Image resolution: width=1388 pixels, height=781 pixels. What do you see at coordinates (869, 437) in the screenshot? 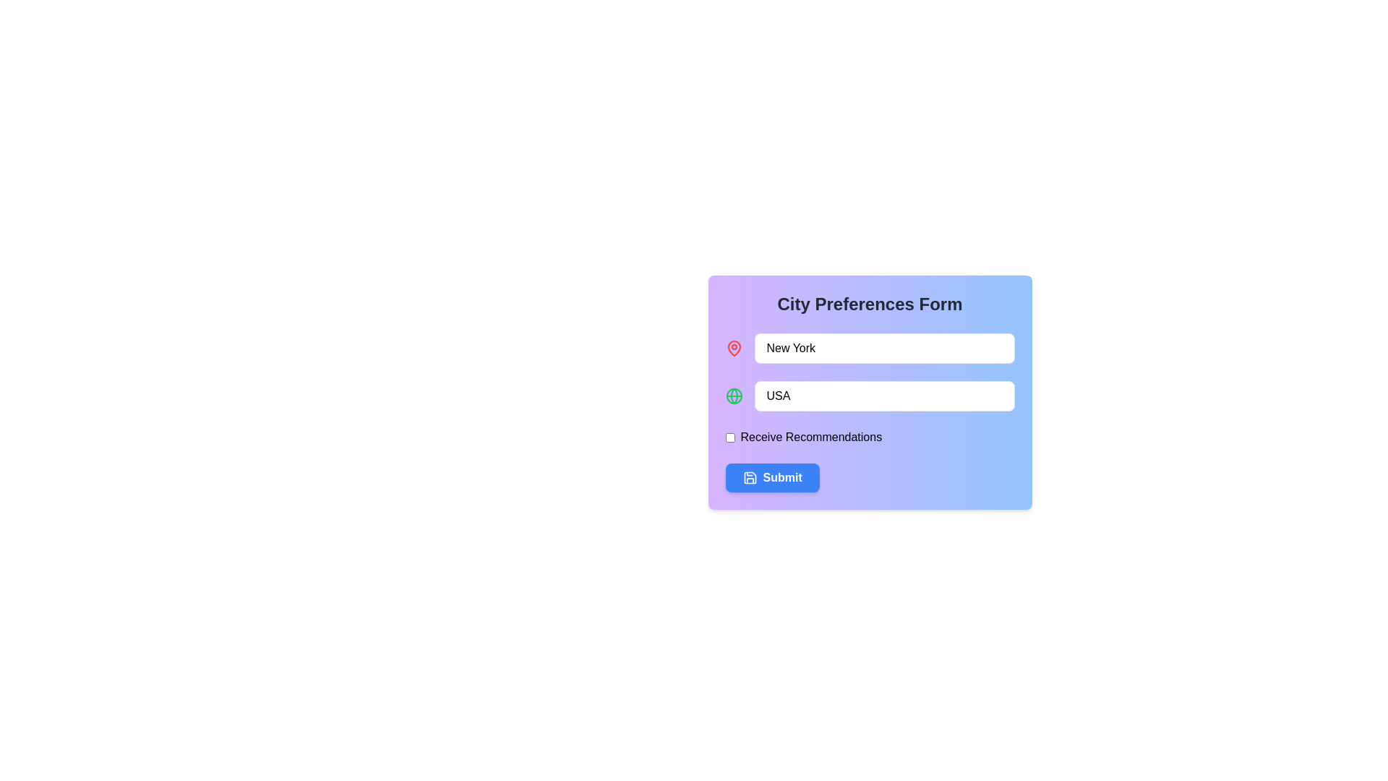
I see `the checkbox for receiving recommendations located below the 'City' and 'Country' input fields and above the 'Submit' button using keyboard navigation` at bounding box center [869, 437].